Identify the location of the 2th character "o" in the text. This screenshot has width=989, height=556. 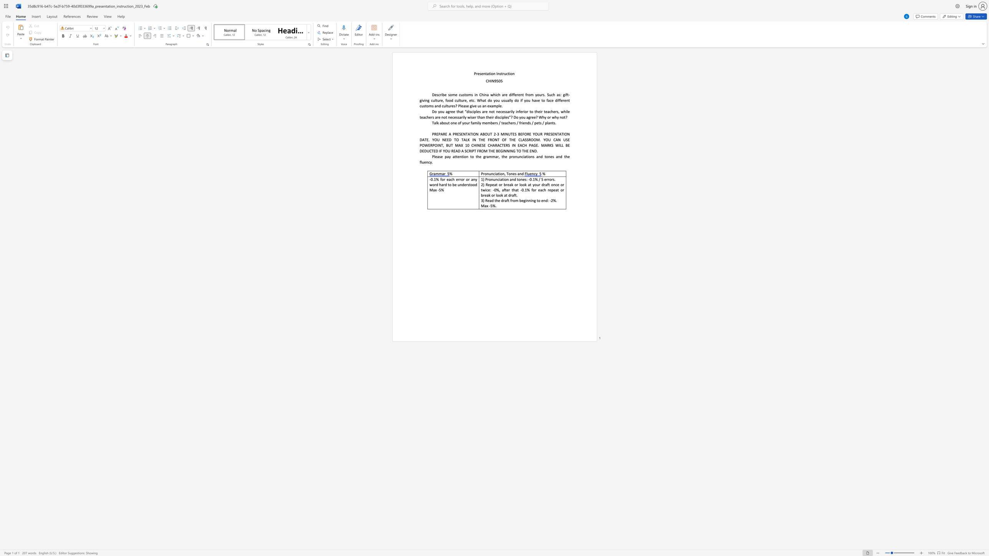
(466, 94).